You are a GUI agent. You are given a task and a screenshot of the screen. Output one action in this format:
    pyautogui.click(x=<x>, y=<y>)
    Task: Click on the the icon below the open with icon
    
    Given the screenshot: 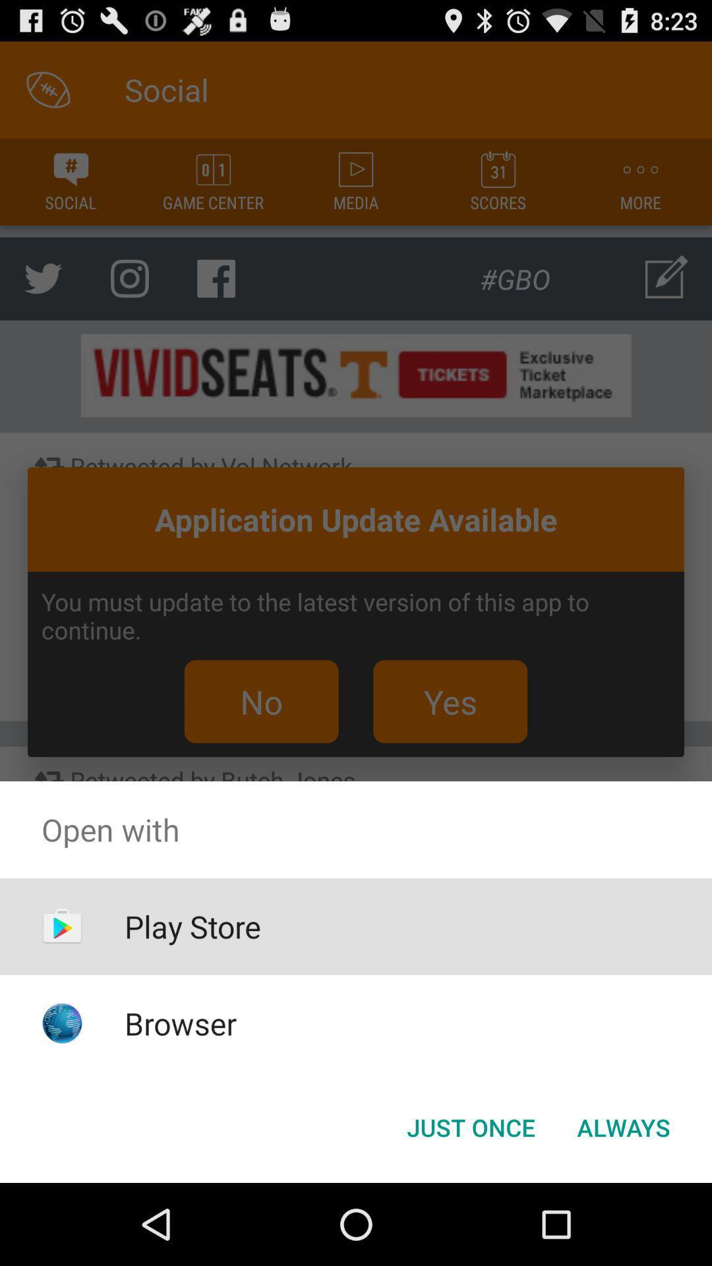 What is the action you would take?
    pyautogui.click(x=470, y=1126)
    